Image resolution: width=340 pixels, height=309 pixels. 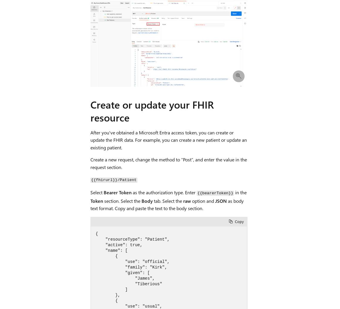 I want to click on 'After you've obtained a Microsoft Entra access token, you can create or update the FHIR data. For example, you can create a new patient or update an existing patient.', so click(x=168, y=139).